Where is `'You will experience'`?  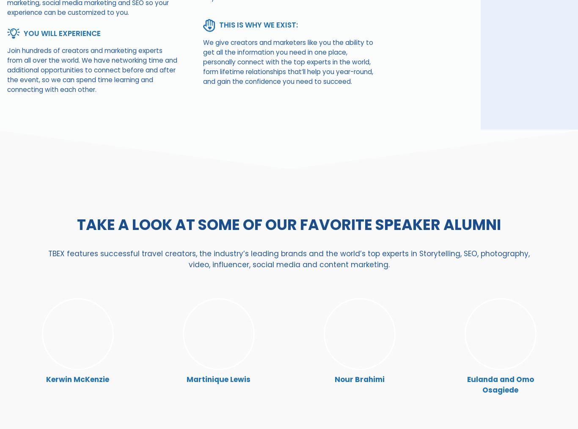
'You will experience' is located at coordinates (61, 33).